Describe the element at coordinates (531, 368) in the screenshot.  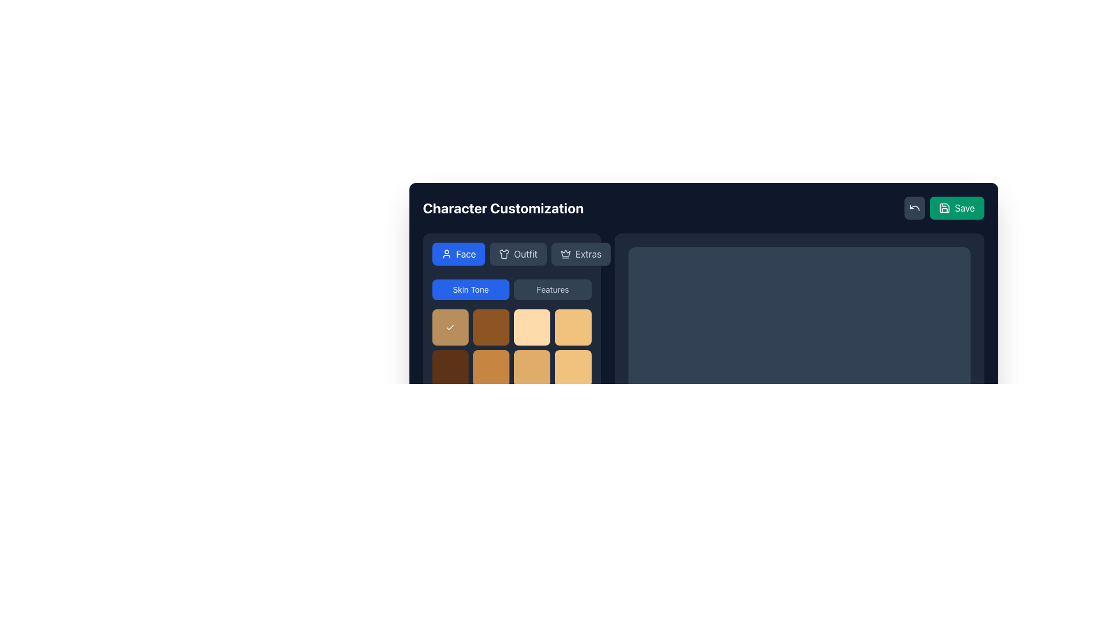
I see `the last square box in the third row of the 4x4 grid under the 'Skin Tone' section` at that location.